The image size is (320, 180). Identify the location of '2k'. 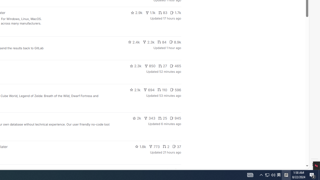
(136, 118).